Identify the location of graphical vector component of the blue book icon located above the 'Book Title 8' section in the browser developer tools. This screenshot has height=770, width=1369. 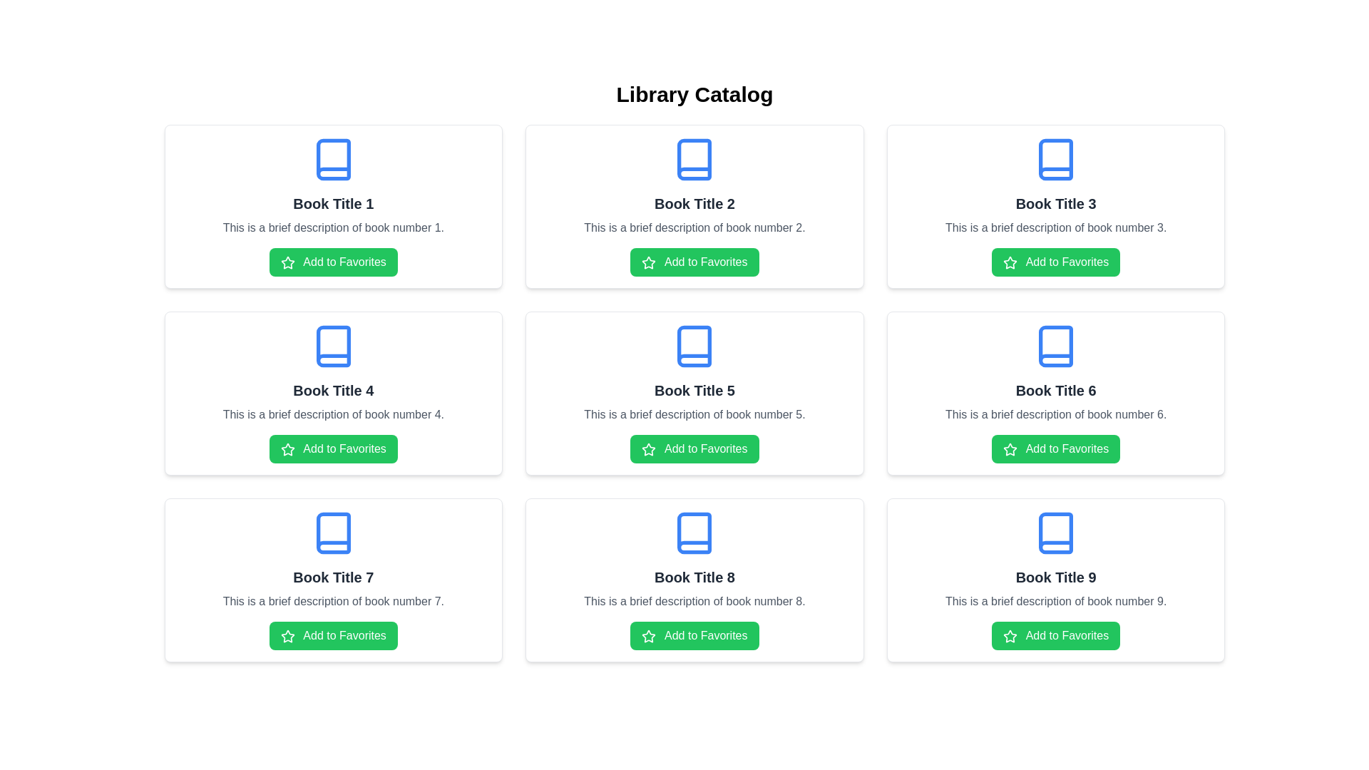
(694, 533).